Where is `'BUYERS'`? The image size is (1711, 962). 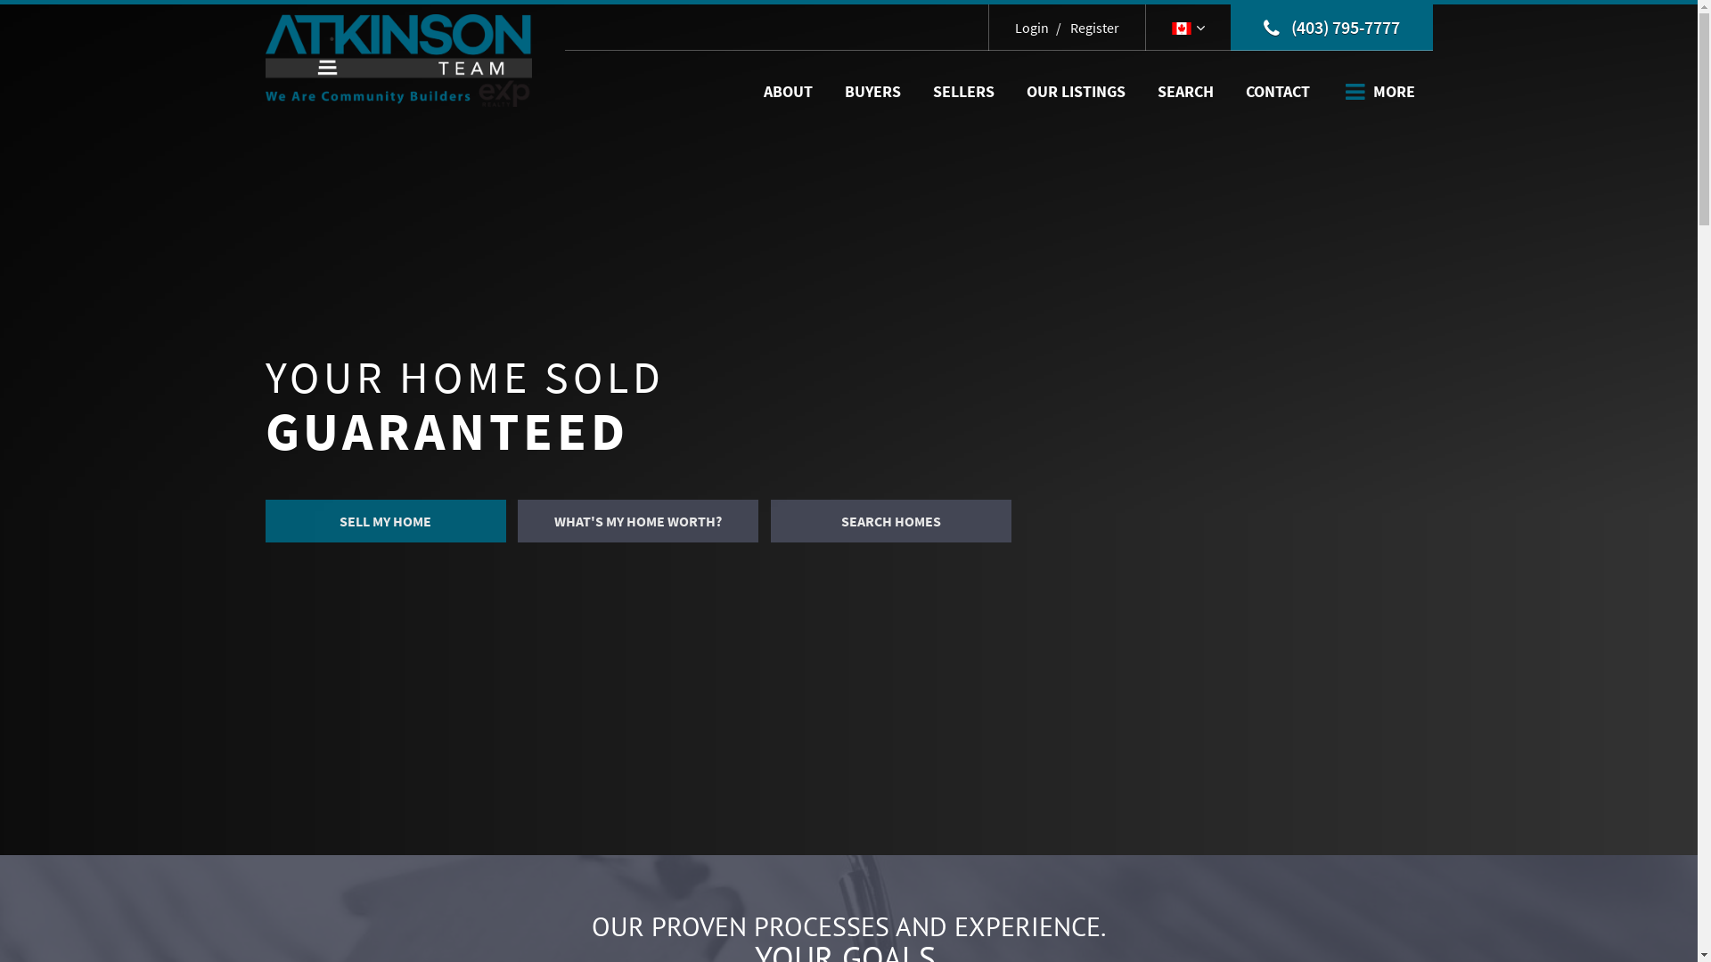 'BUYERS' is located at coordinates (872, 92).